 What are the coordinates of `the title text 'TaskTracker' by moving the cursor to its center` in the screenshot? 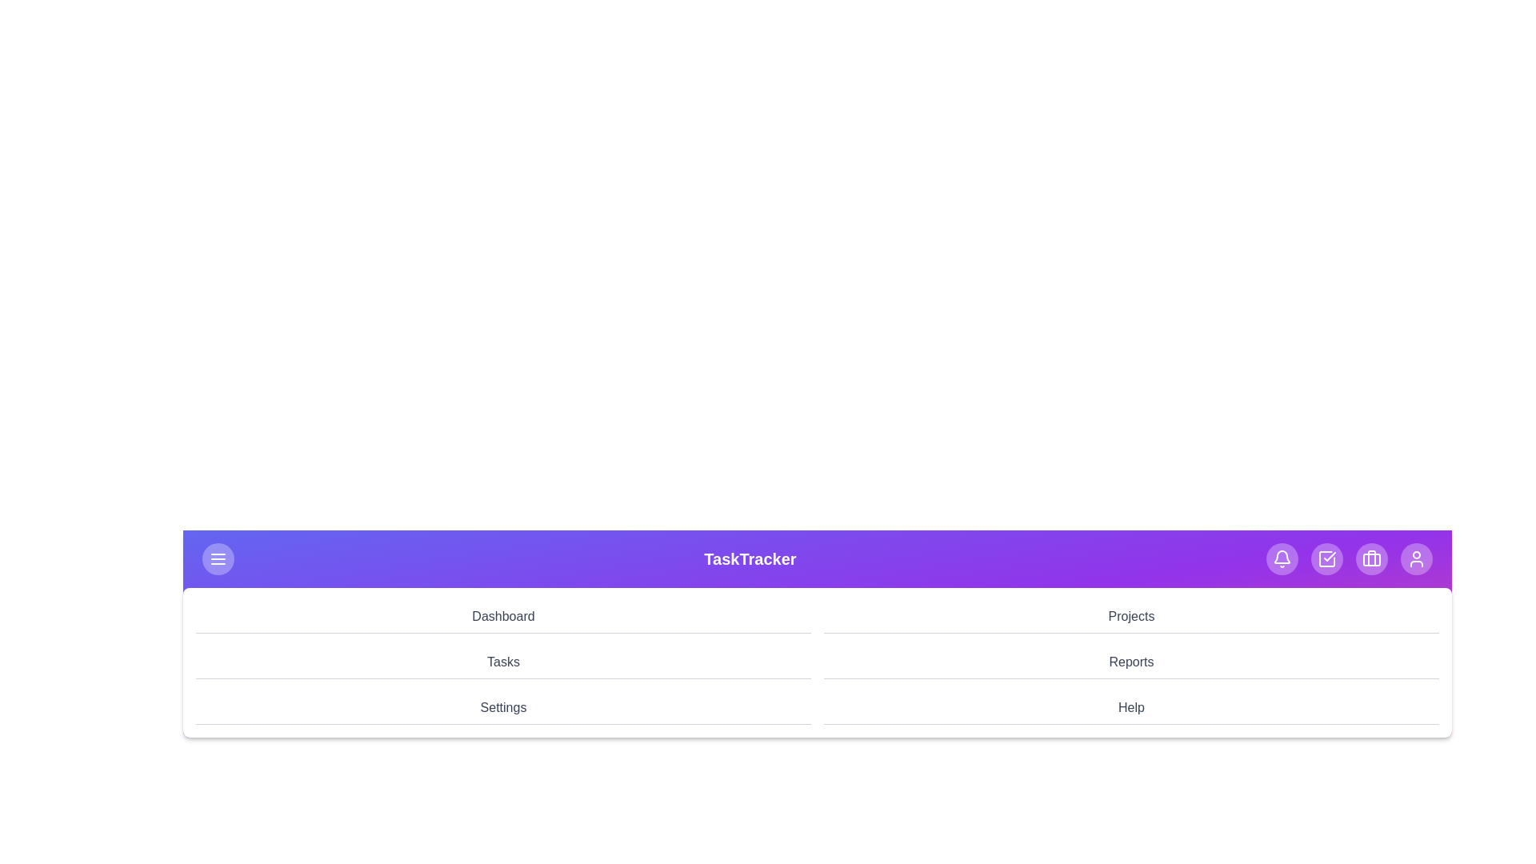 It's located at (749, 558).